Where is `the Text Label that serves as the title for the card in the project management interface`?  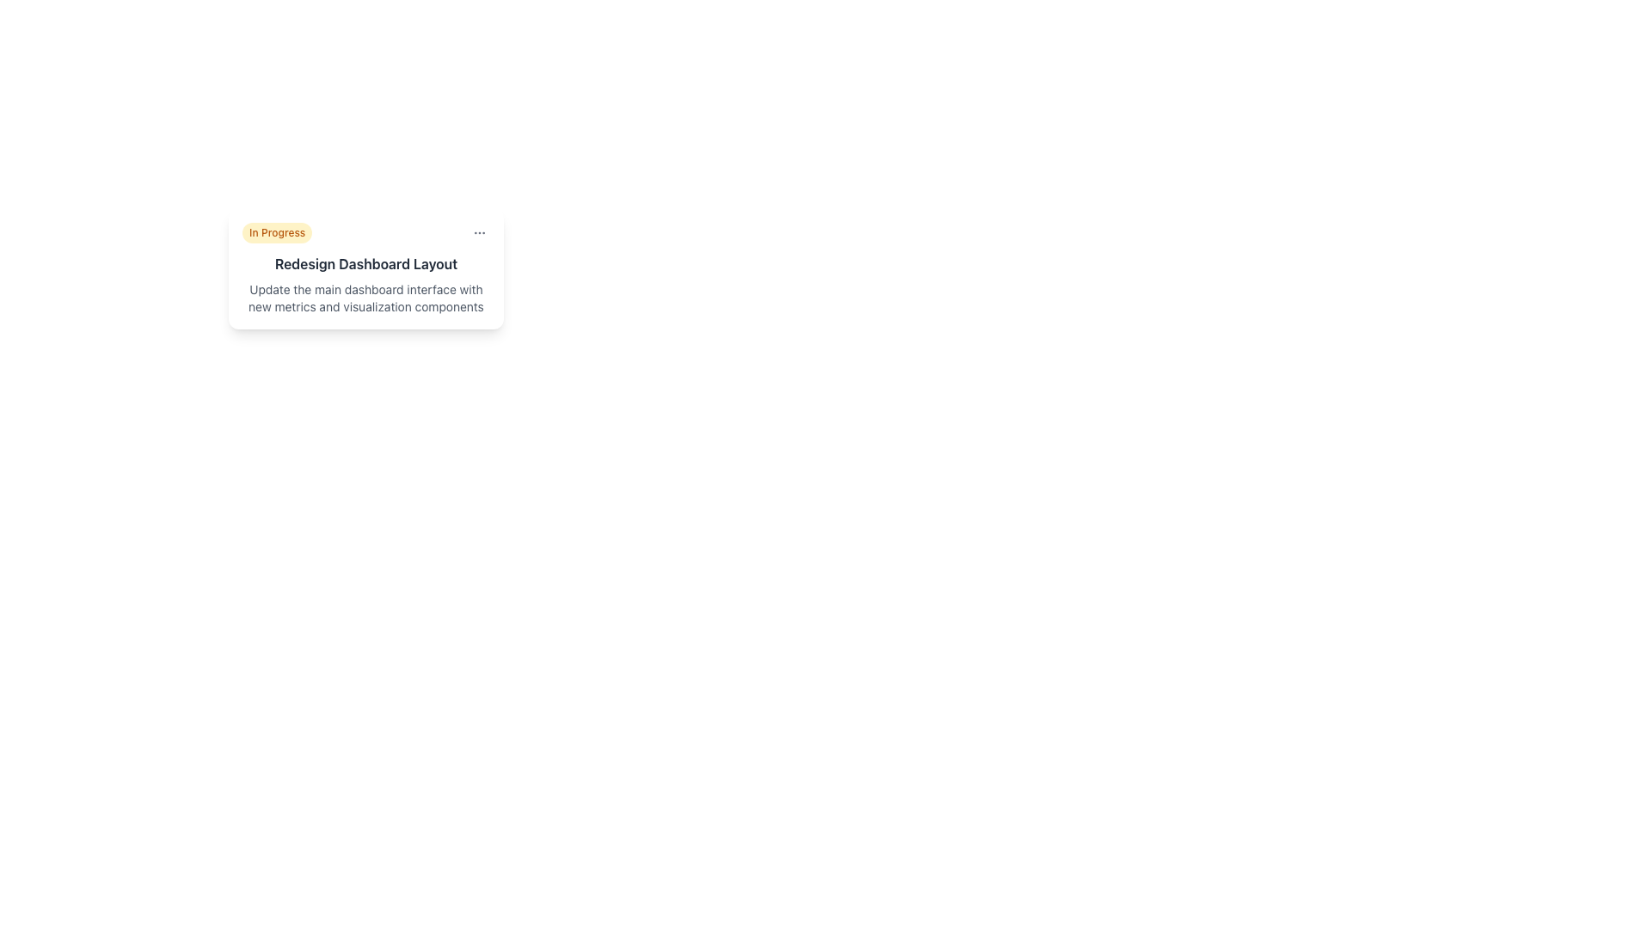
the Text Label that serves as the title for the card in the project management interface is located at coordinates (365, 264).